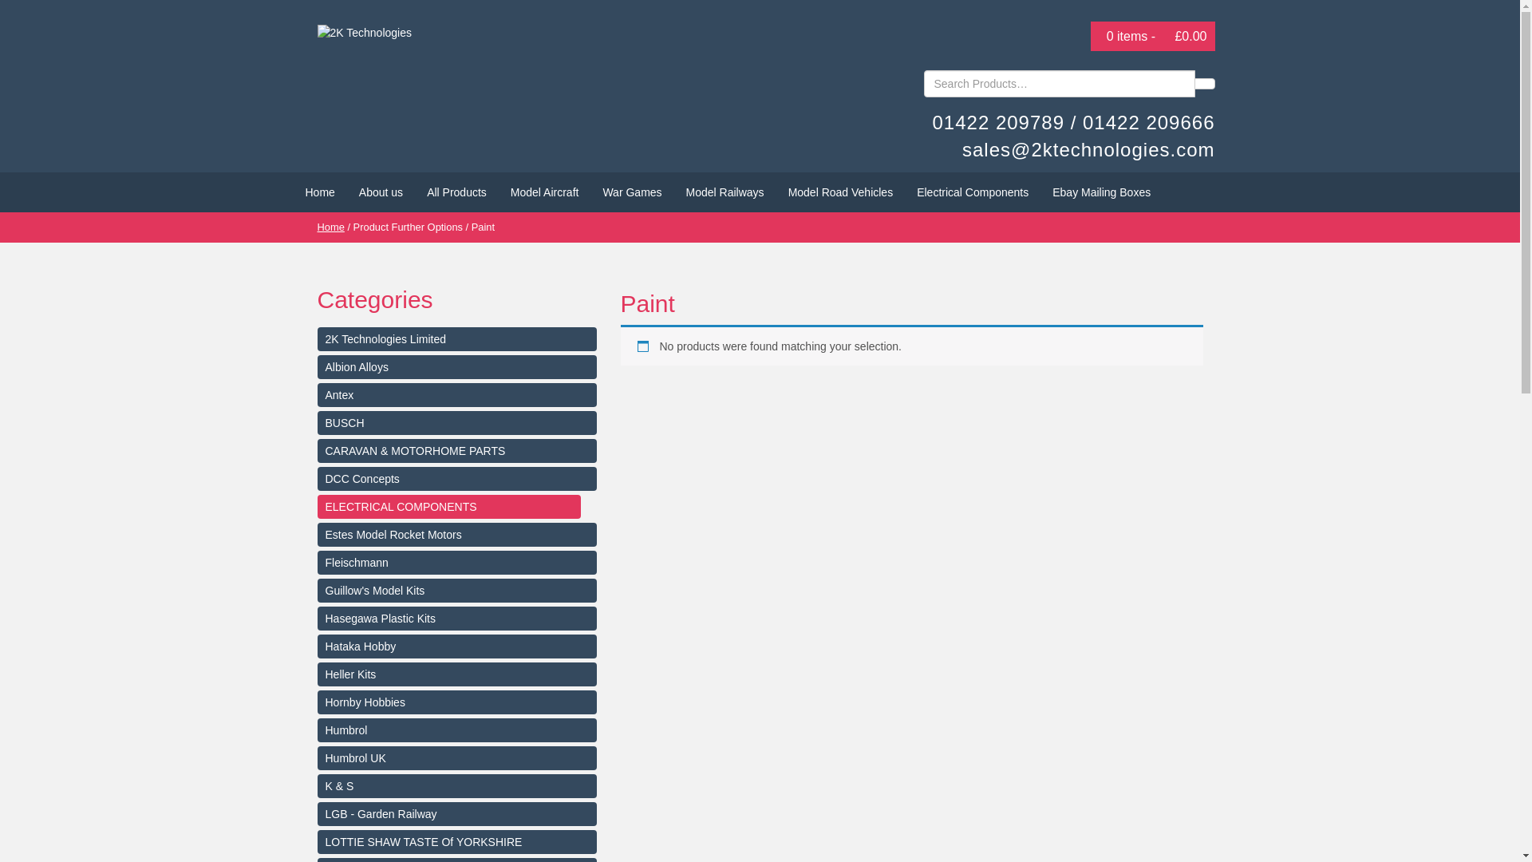 The image size is (1532, 862). I want to click on 'Humbrol UK', so click(456, 757).